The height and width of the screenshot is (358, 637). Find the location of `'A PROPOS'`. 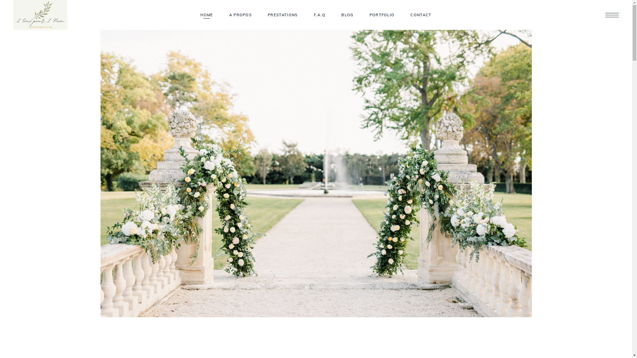

'A PROPOS' is located at coordinates (240, 15).